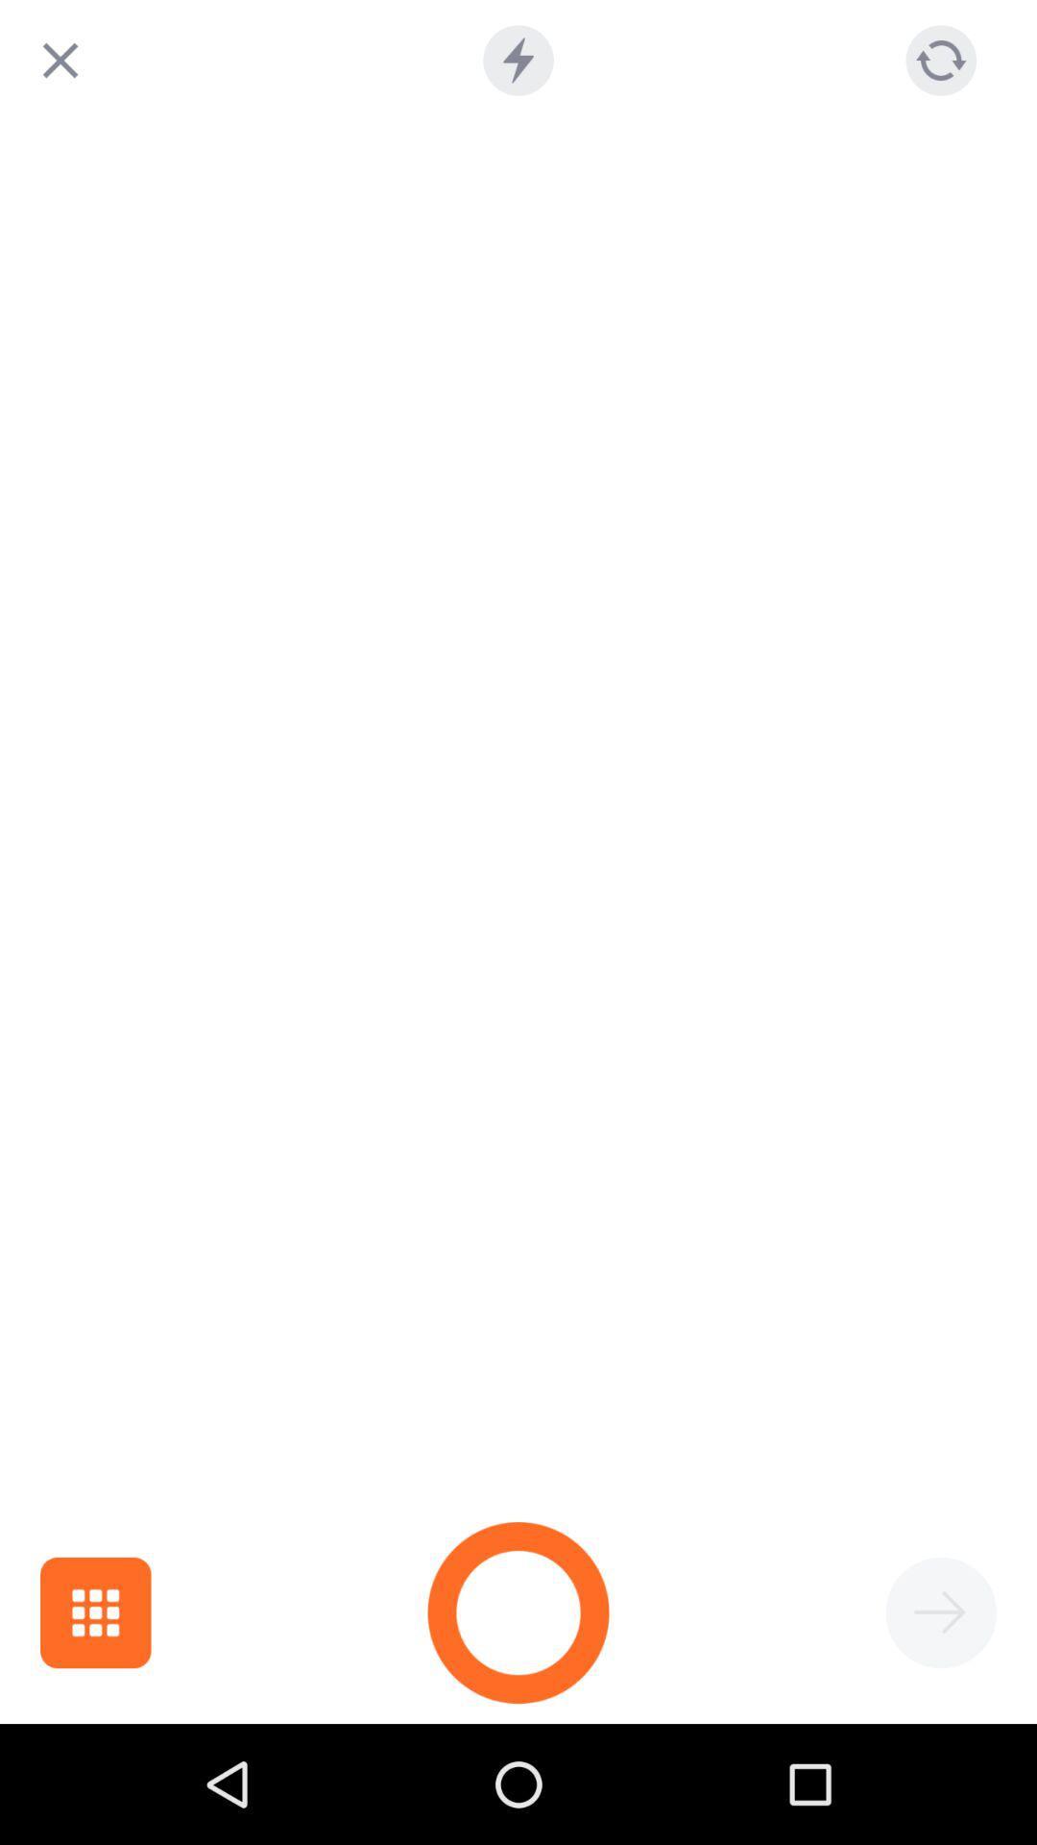 This screenshot has height=1845, width=1037. What do you see at coordinates (940, 1612) in the screenshot?
I see `press active page button` at bounding box center [940, 1612].